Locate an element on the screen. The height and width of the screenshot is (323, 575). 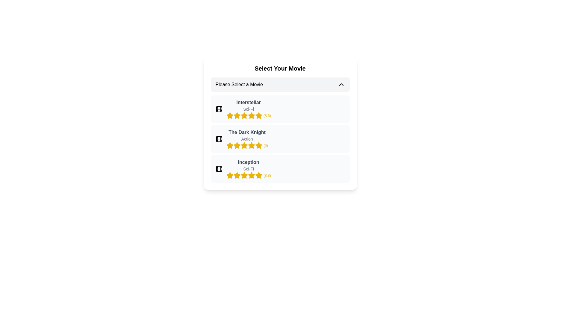
the title text of the movie 'Inception', which is a static display element located in the third movie entry of the dropdown list is located at coordinates (249, 162).